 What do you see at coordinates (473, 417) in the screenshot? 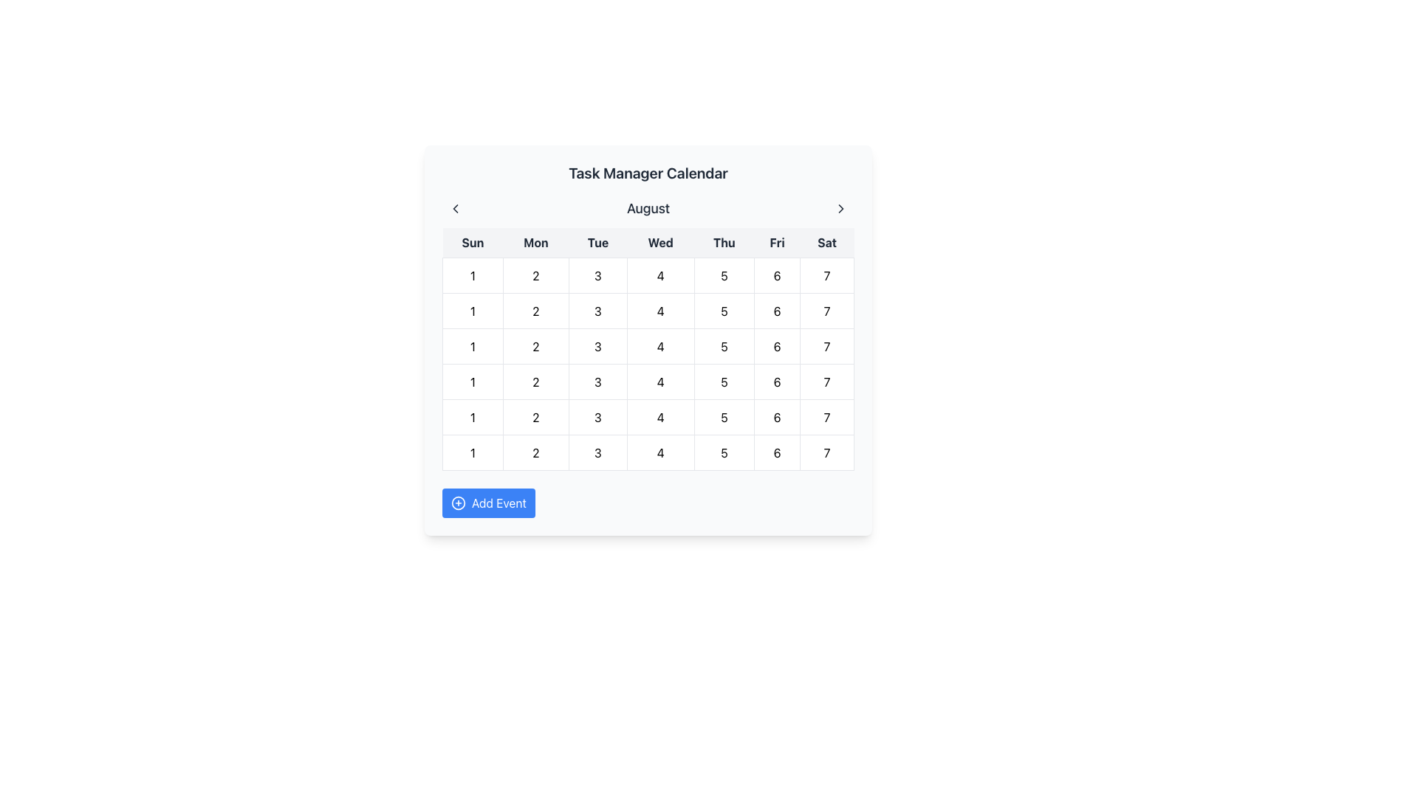
I see `the calendar cell displaying the number '1' located` at bounding box center [473, 417].